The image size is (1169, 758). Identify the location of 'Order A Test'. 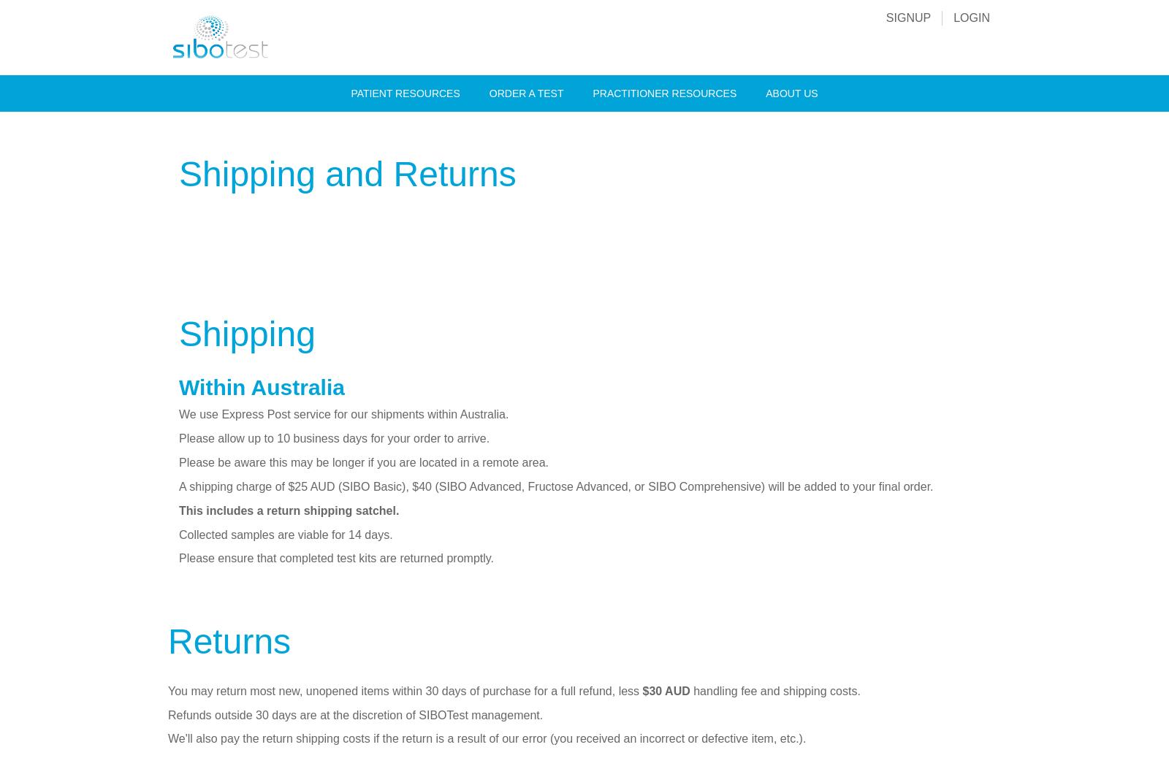
(526, 92).